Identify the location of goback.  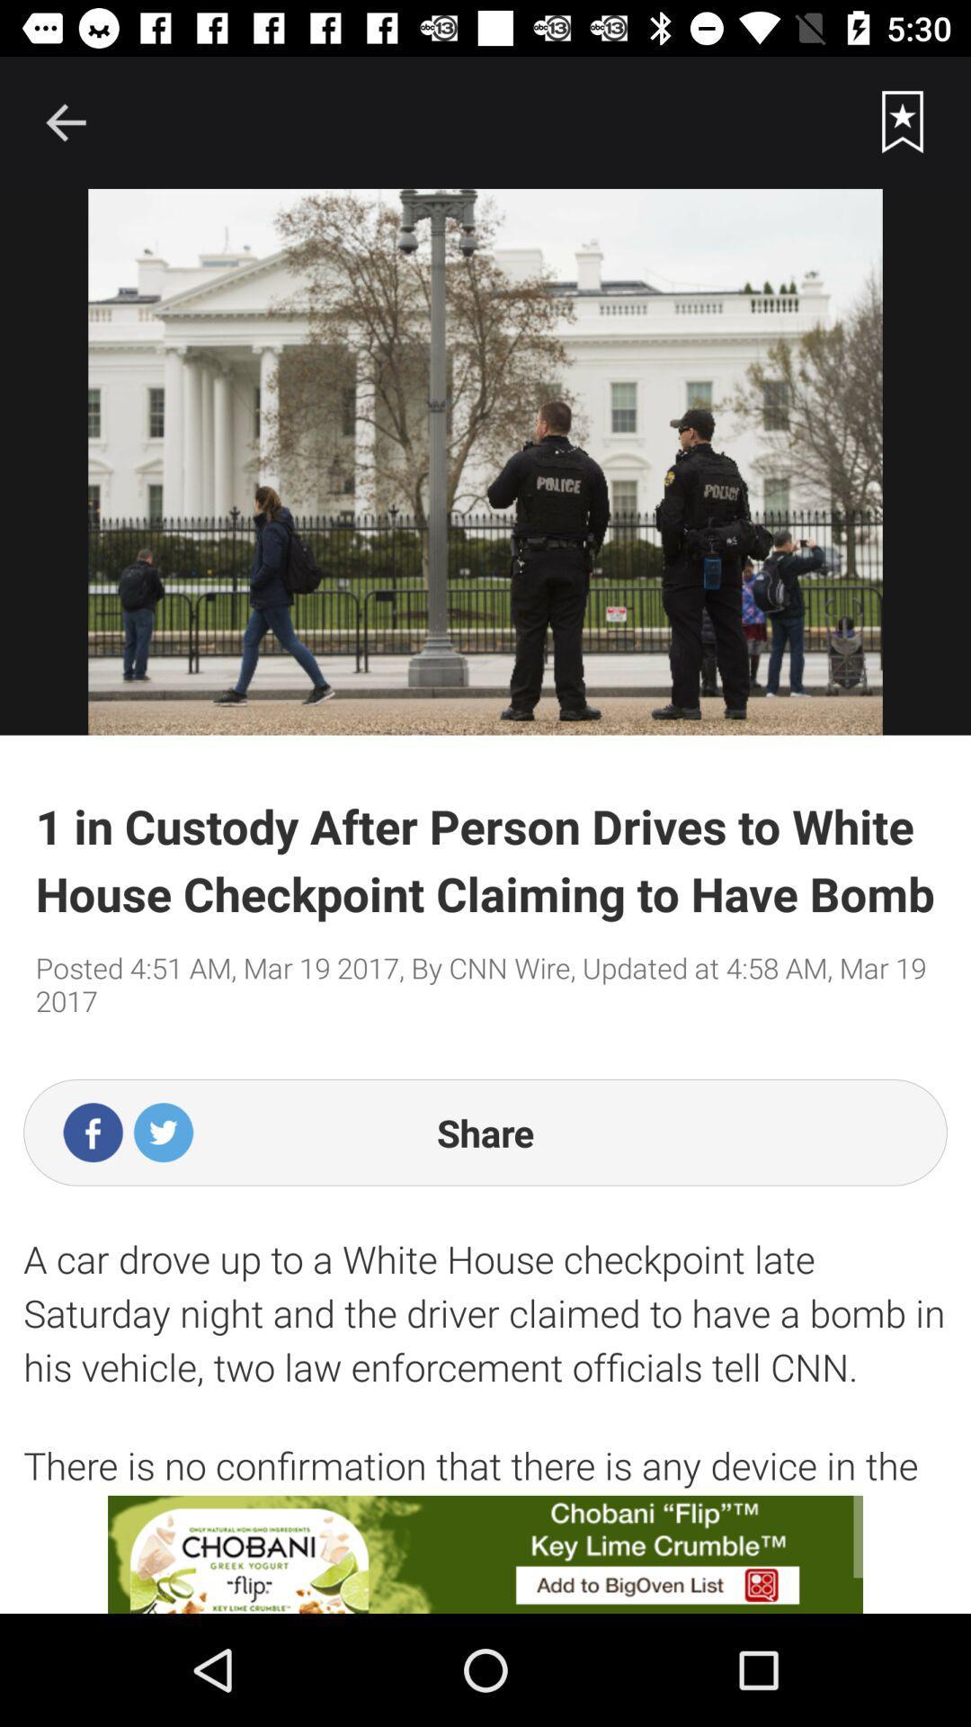
(65, 121).